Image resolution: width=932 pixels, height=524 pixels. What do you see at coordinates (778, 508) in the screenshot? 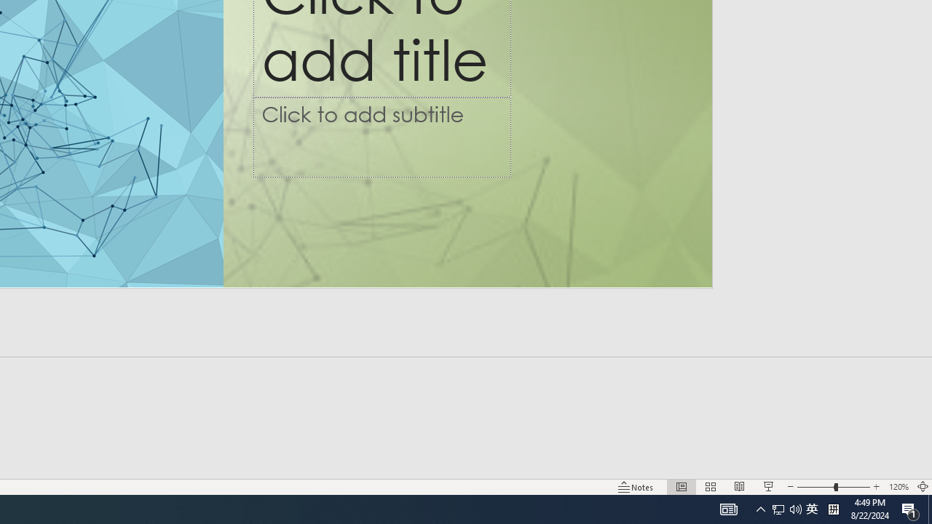
I see `'User Promoted Notification Area'` at bounding box center [778, 508].